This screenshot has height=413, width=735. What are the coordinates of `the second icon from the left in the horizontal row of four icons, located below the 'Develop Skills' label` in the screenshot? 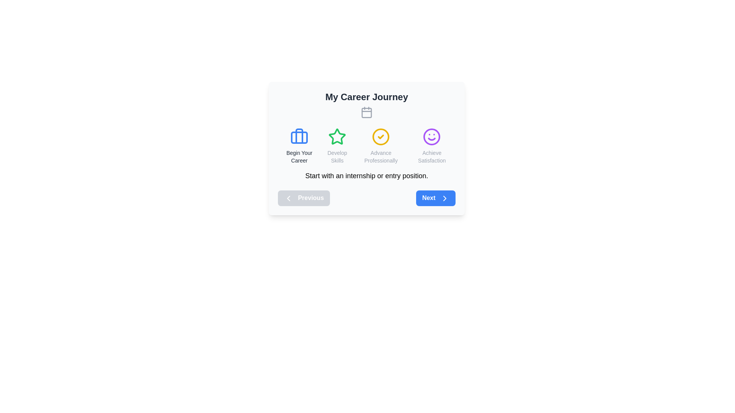 It's located at (337, 136).